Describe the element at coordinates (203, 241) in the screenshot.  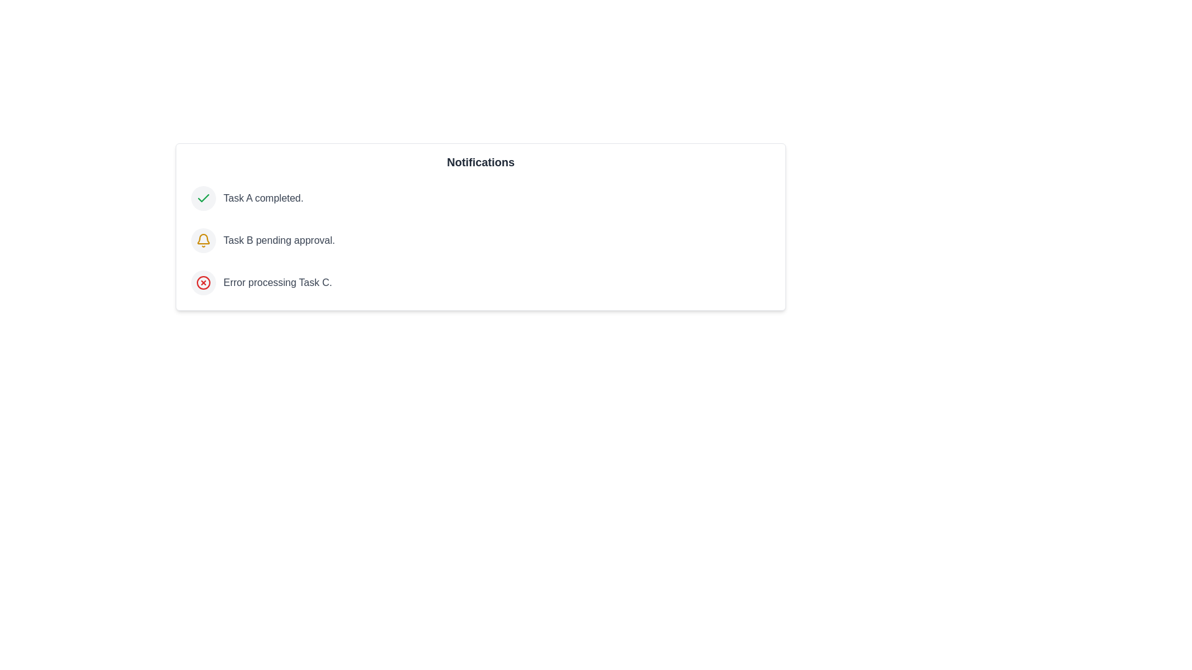
I see `the icon associated with the notification of type warning` at that location.